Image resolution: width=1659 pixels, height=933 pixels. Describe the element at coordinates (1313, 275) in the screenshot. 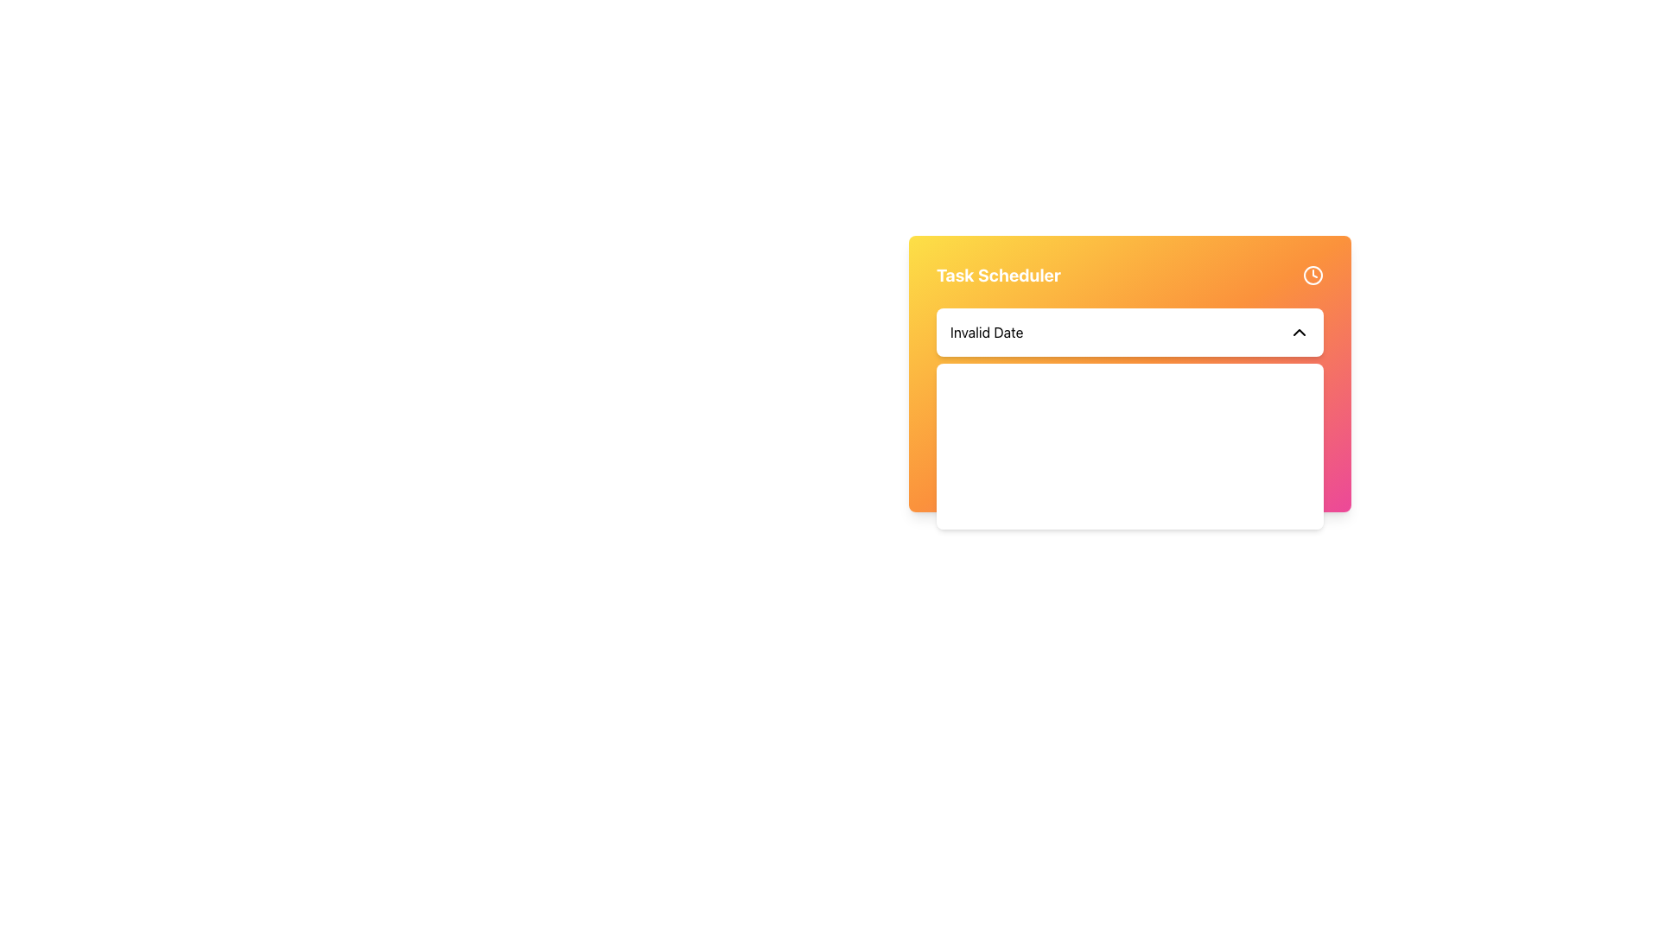

I see `the clock icon located to the far right of the 'Task Scheduler' header, which is styled with a circular frame and clock hands` at that location.